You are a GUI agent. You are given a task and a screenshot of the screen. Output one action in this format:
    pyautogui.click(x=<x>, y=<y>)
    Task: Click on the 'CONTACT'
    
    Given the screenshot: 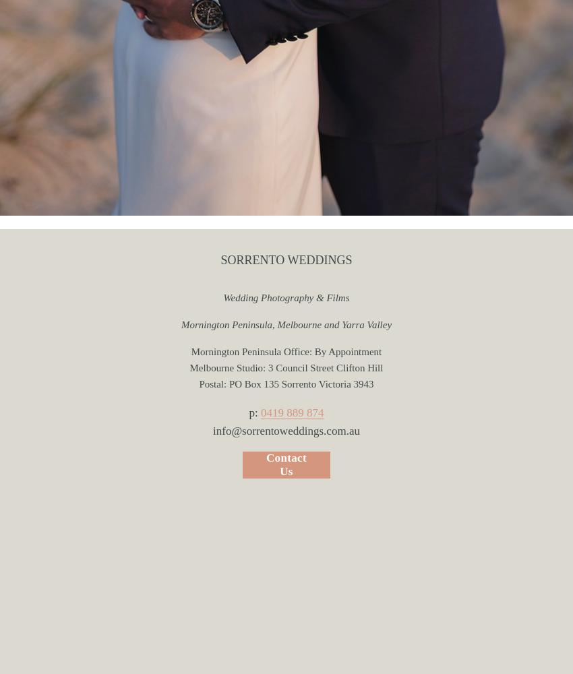 What is the action you would take?
    pyautogui.click(x=286, y=200)
    